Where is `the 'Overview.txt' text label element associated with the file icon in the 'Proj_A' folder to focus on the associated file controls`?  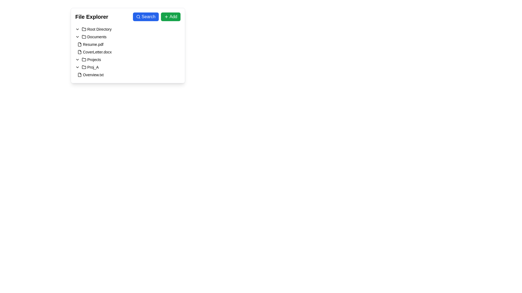
the 'Overview.txt' text label element associated with the file icon in the 'Proj_A' folder to focus on the associated file controls is located at coordinates (93, 75).